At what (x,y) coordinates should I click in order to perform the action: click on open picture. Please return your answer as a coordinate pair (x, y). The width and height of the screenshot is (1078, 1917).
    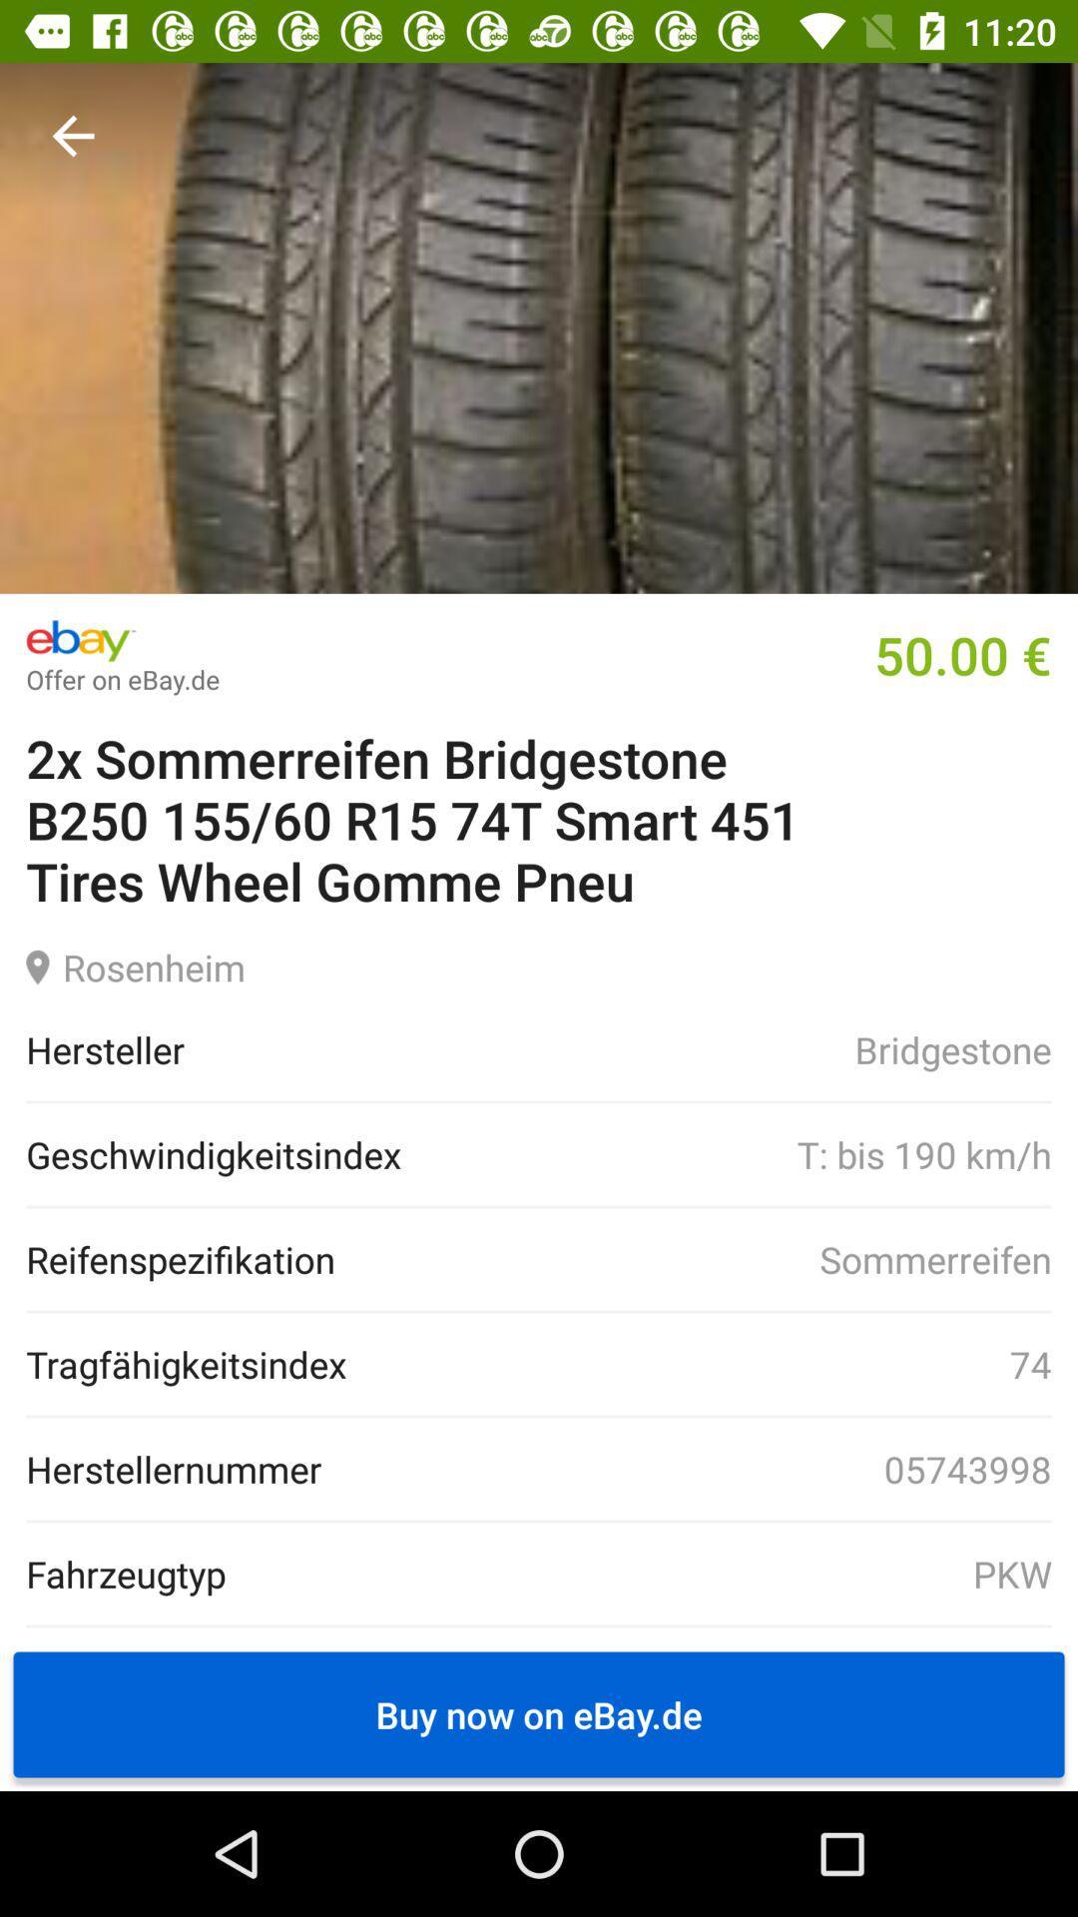
    Looking at the image, I should click on (539, 327).